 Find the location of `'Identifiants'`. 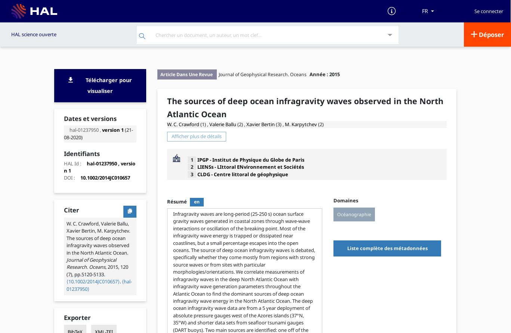

'Identifiants' is located at coordinates (81, 153).